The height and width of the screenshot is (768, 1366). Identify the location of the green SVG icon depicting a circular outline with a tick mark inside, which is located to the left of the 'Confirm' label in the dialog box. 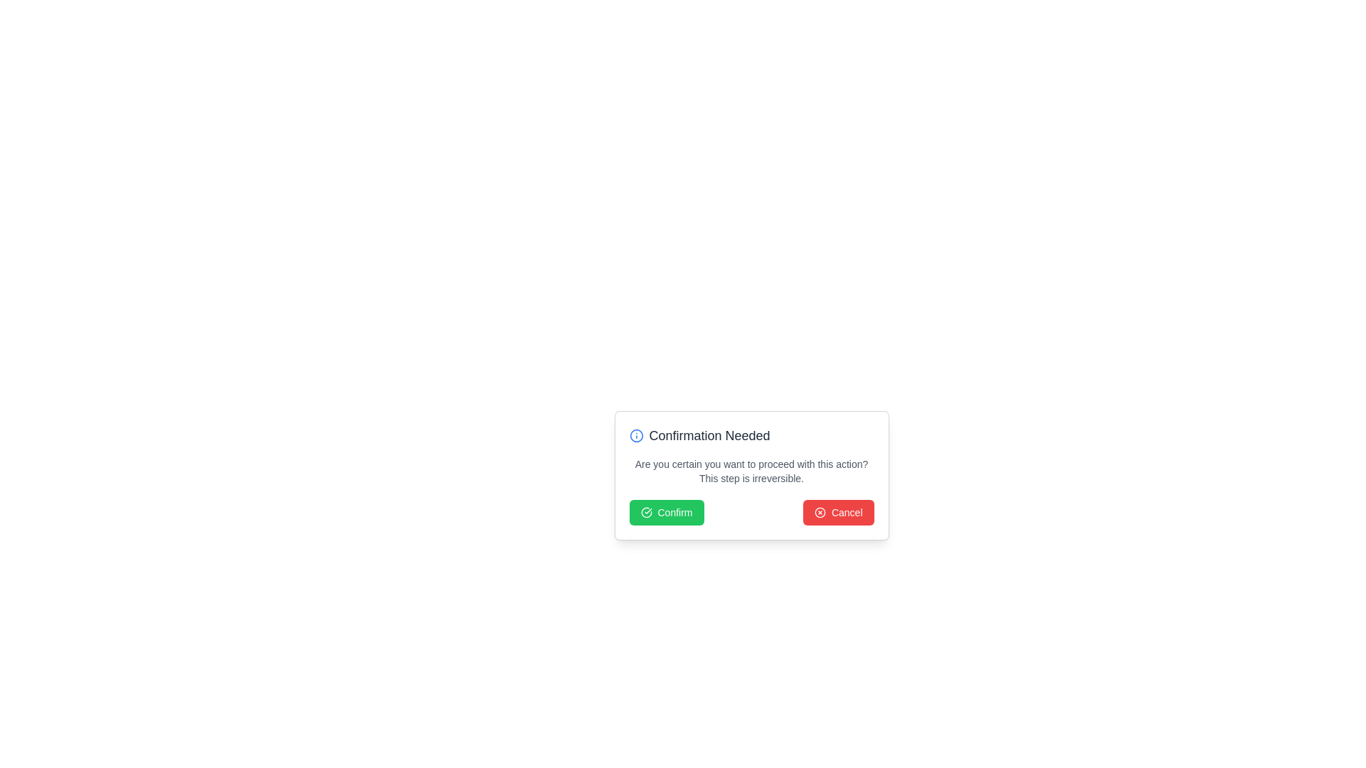
(645, 513).